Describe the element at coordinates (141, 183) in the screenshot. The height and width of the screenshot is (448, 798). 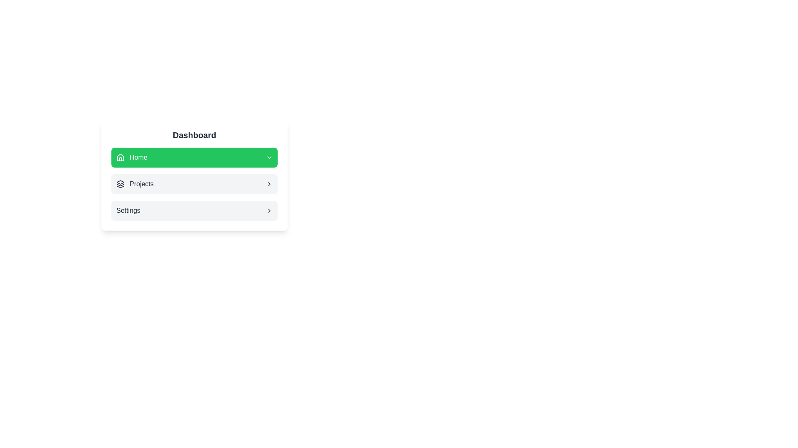
I see `the 'Projects' text label in the sidebar menu` at that location.